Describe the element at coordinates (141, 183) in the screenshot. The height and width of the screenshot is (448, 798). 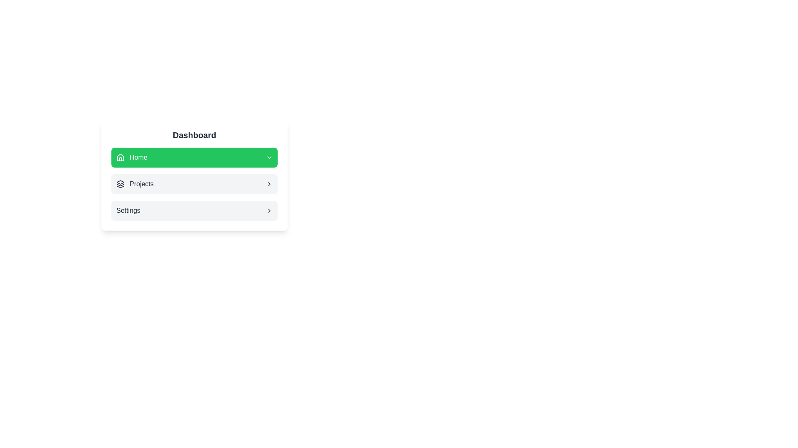
I see `the 'Projects' text label in the sidebar menu` at that location.